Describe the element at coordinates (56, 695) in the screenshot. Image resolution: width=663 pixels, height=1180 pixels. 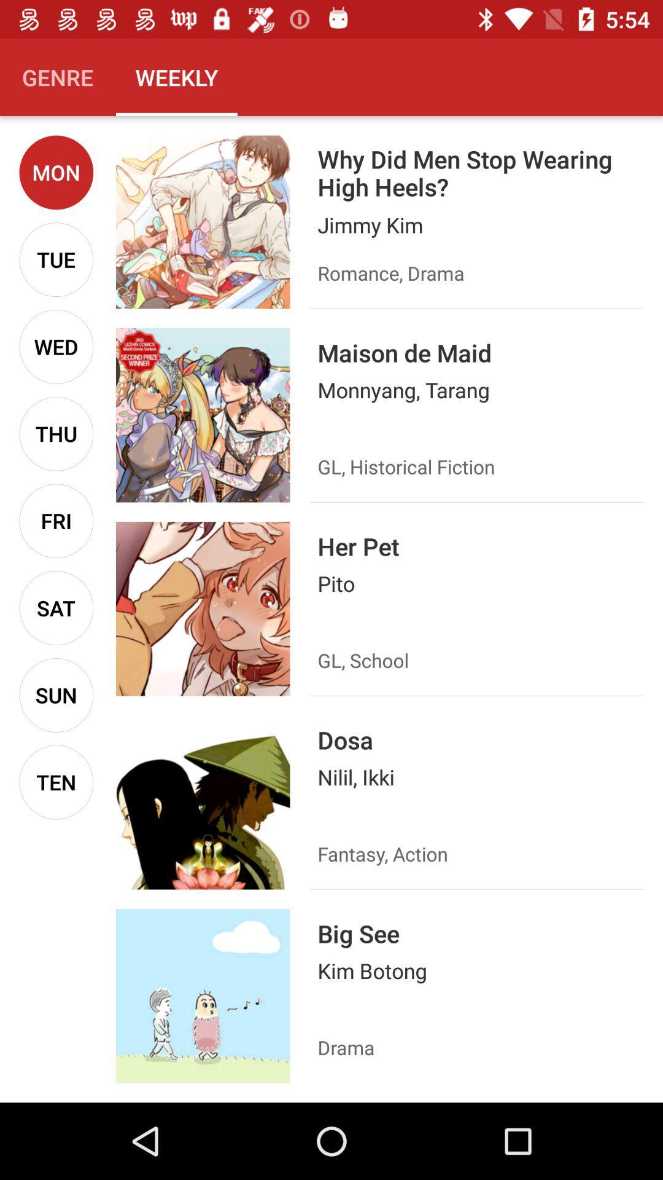
I see `the icon below sat icon` at that location.